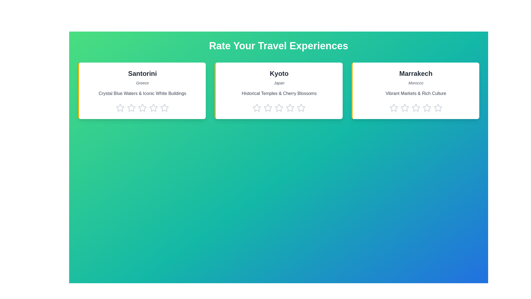 Image resolution: width=531 pixels, height=299 pixels. Describe the element at coordinates (278, 90) in the screenshot. I see `the destination card for Kyoto to inspect its country information` at that location.